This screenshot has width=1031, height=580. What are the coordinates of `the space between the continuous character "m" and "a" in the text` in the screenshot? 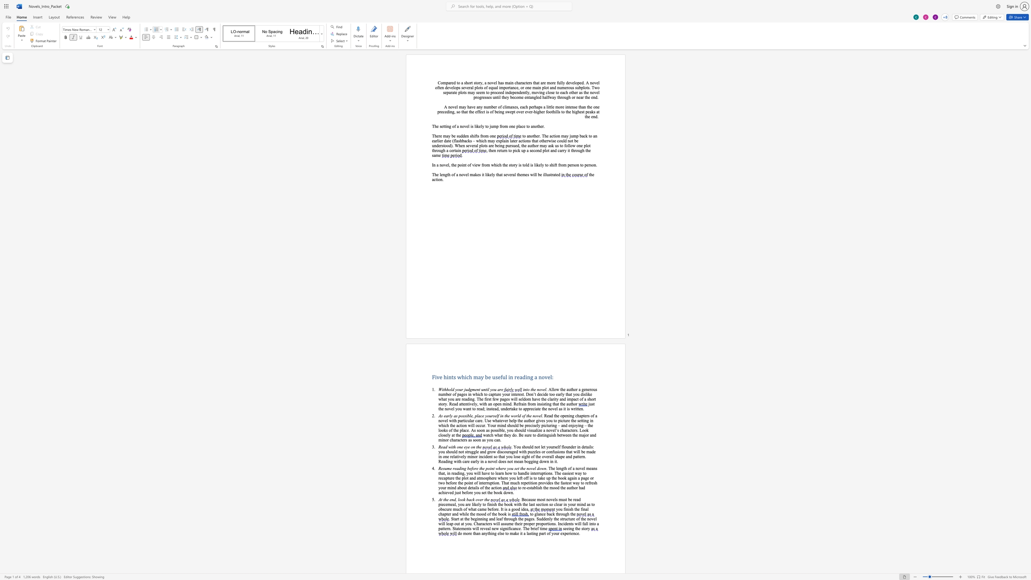 It's located at (588, 452).